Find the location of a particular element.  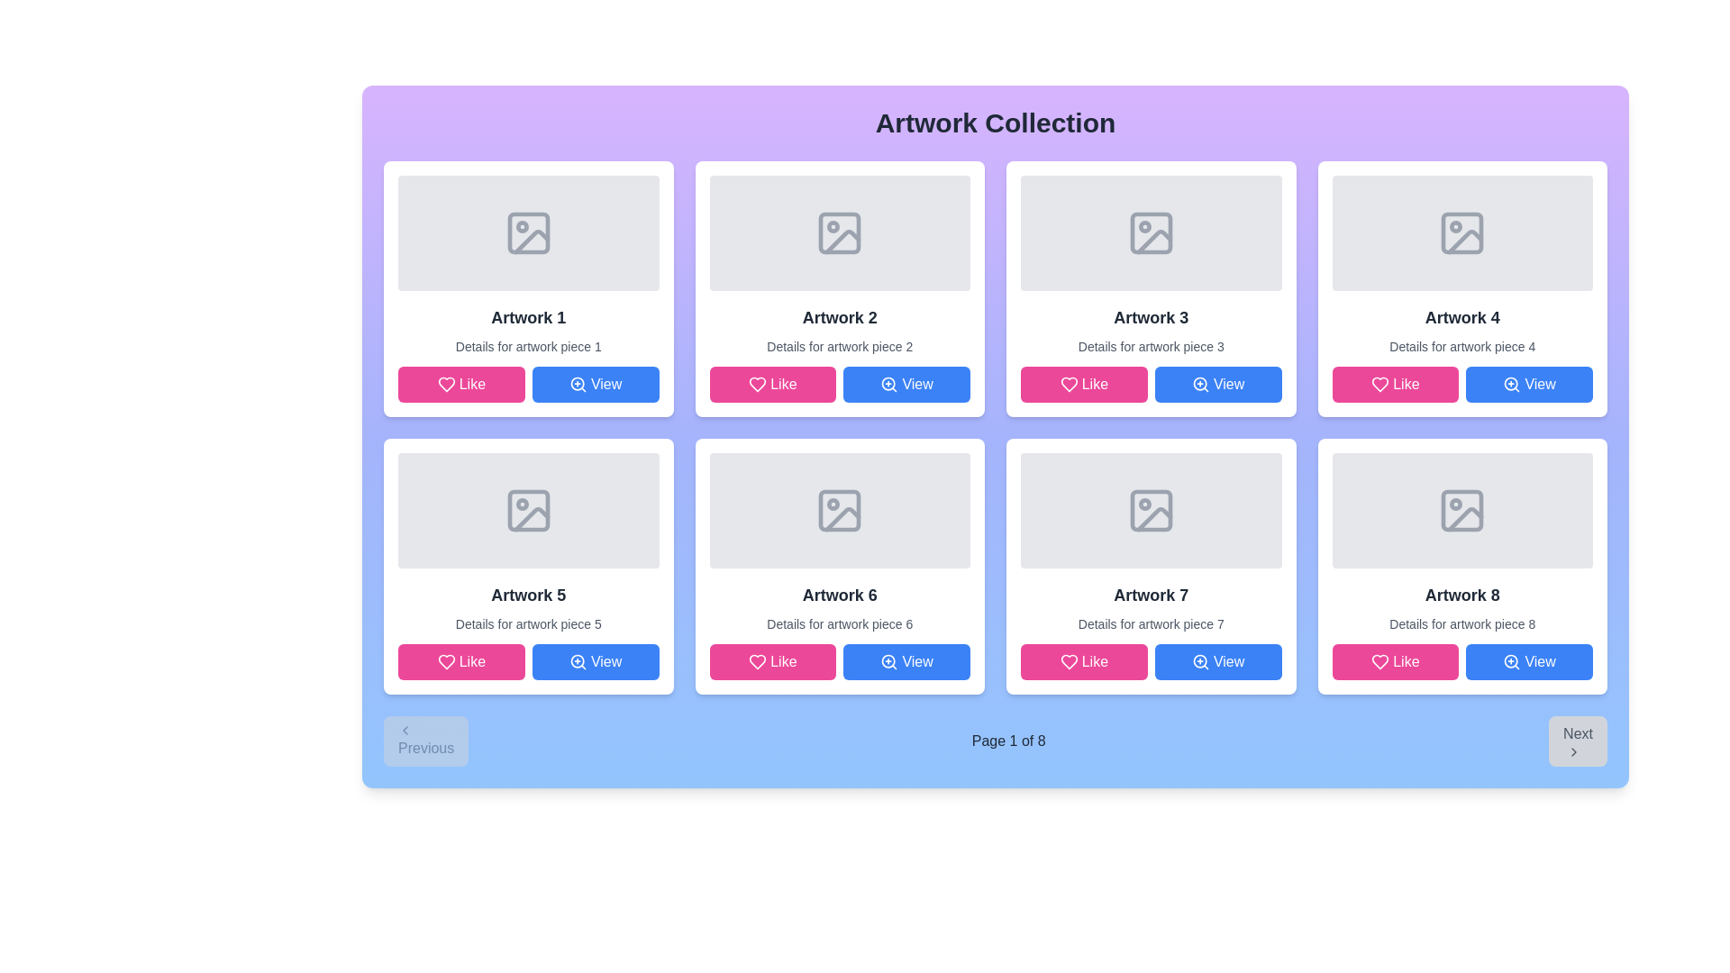

the 'Like' icon located in the sixth card under 'Details for artwork piece 6' is located at coordinates (758, 662).